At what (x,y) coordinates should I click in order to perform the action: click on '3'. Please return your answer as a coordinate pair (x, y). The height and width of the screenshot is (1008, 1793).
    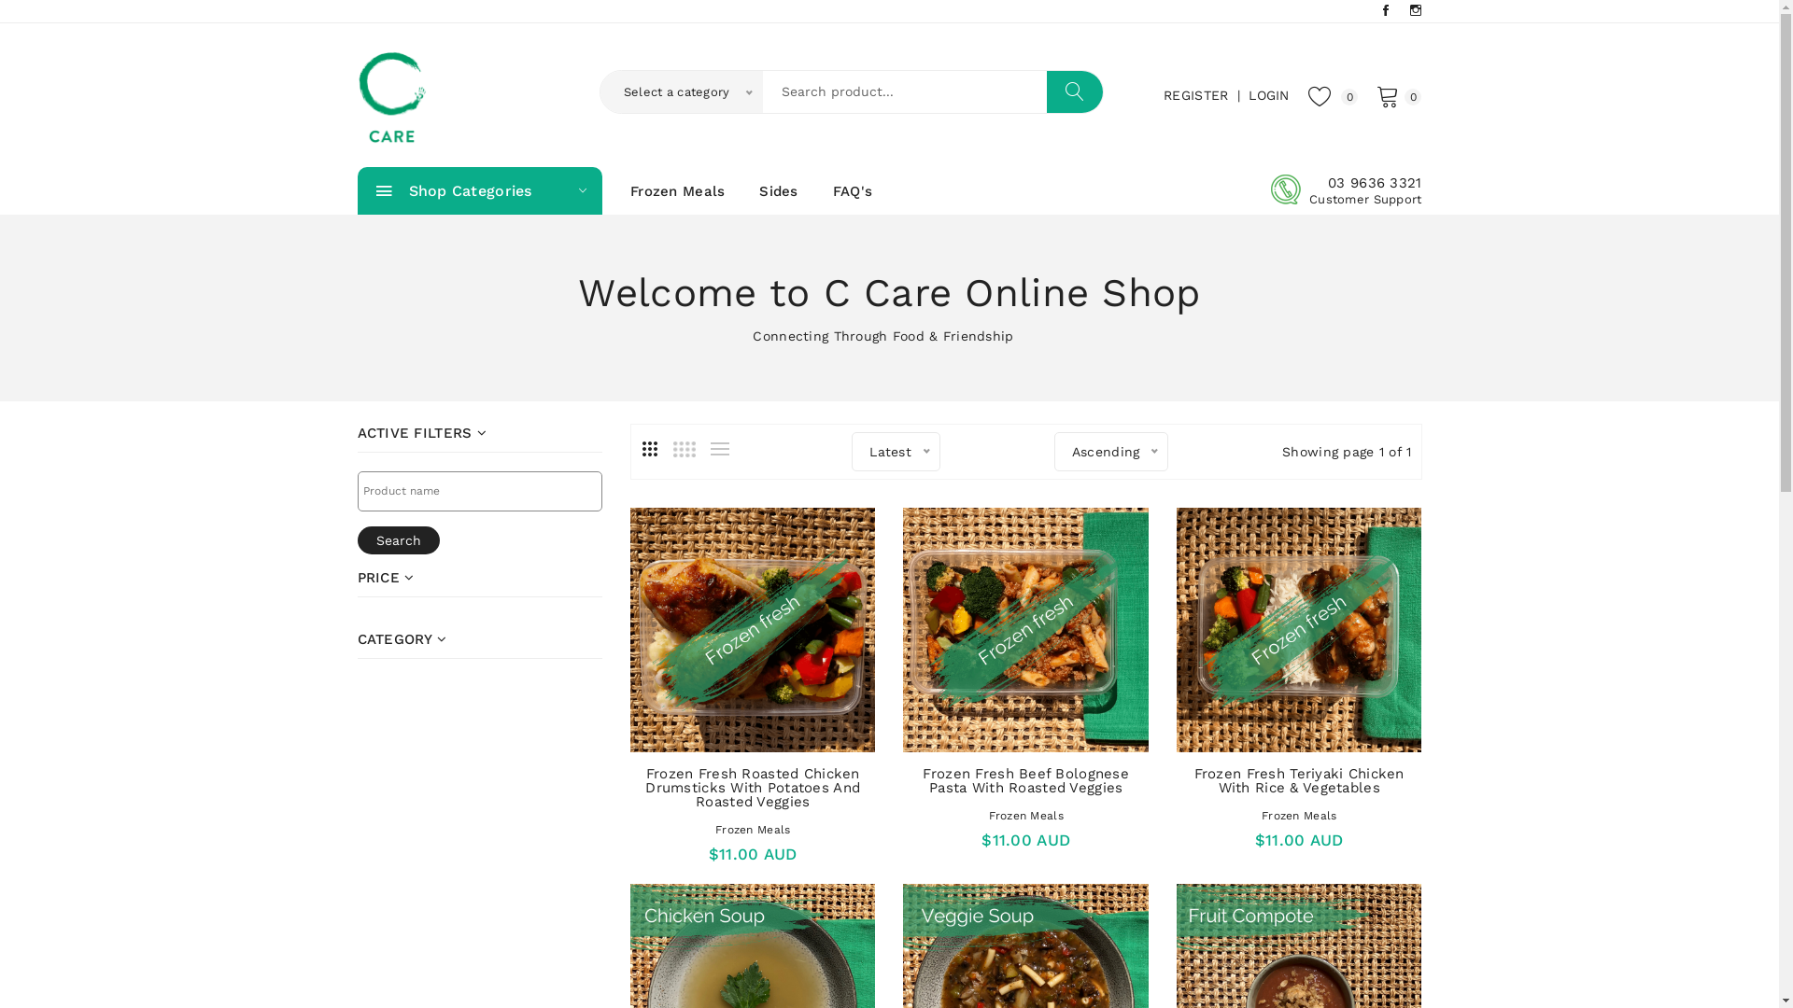
    Looking at the image, I should click on (650, 449).